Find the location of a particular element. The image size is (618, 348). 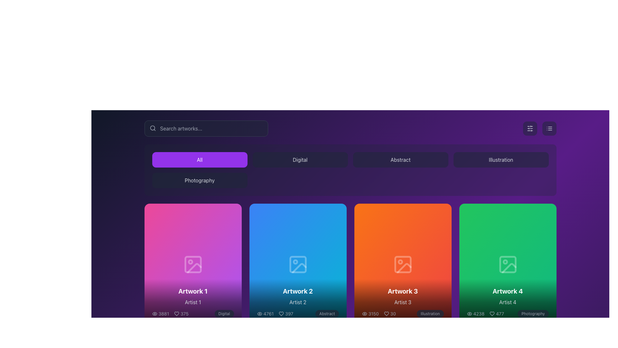

the 'like' or 'favorite' icon located at the bottom edge of the card labeled 'Artwork 3', which is the third card from the left in a horizontal grid layout is located at coordinates (386, 313).